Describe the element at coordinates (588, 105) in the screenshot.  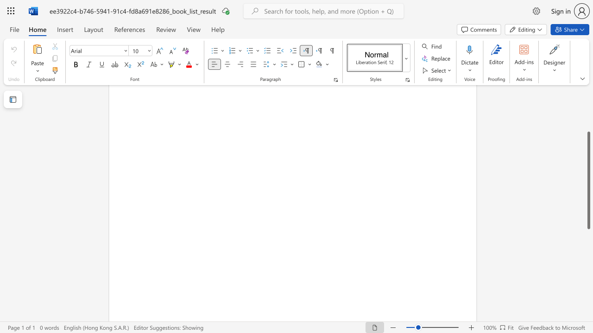
I see `the scrollbar on the right to move the page upward` at that location.